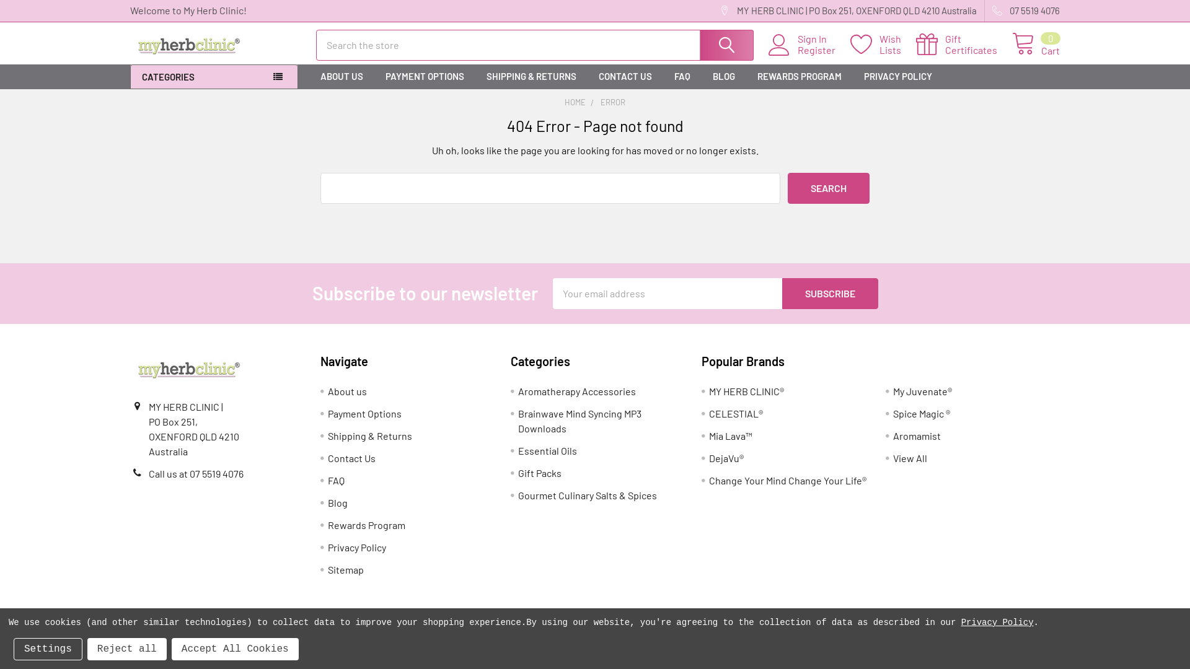 This screenshot has width=1190, height=669. I want to click on 'Blog', so click(338, 502).